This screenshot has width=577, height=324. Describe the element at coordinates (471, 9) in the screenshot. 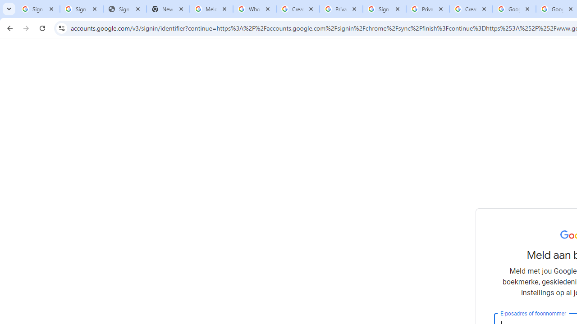

I see `'Create your Google Account'` at that location.